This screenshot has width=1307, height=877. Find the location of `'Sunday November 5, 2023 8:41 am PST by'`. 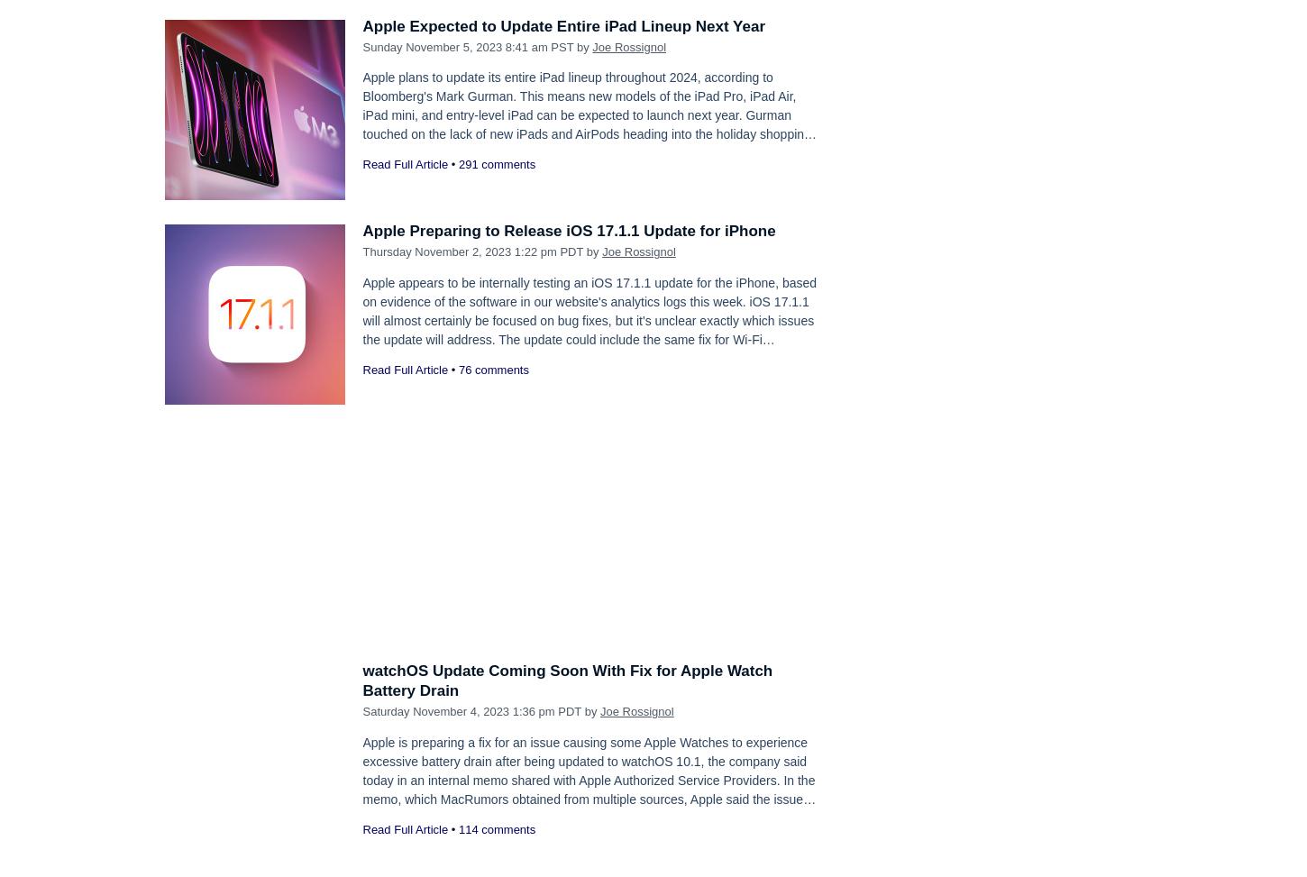

'Sunday November 5, 2023 8:41 am PST by' is located at coordinates (477, 46).